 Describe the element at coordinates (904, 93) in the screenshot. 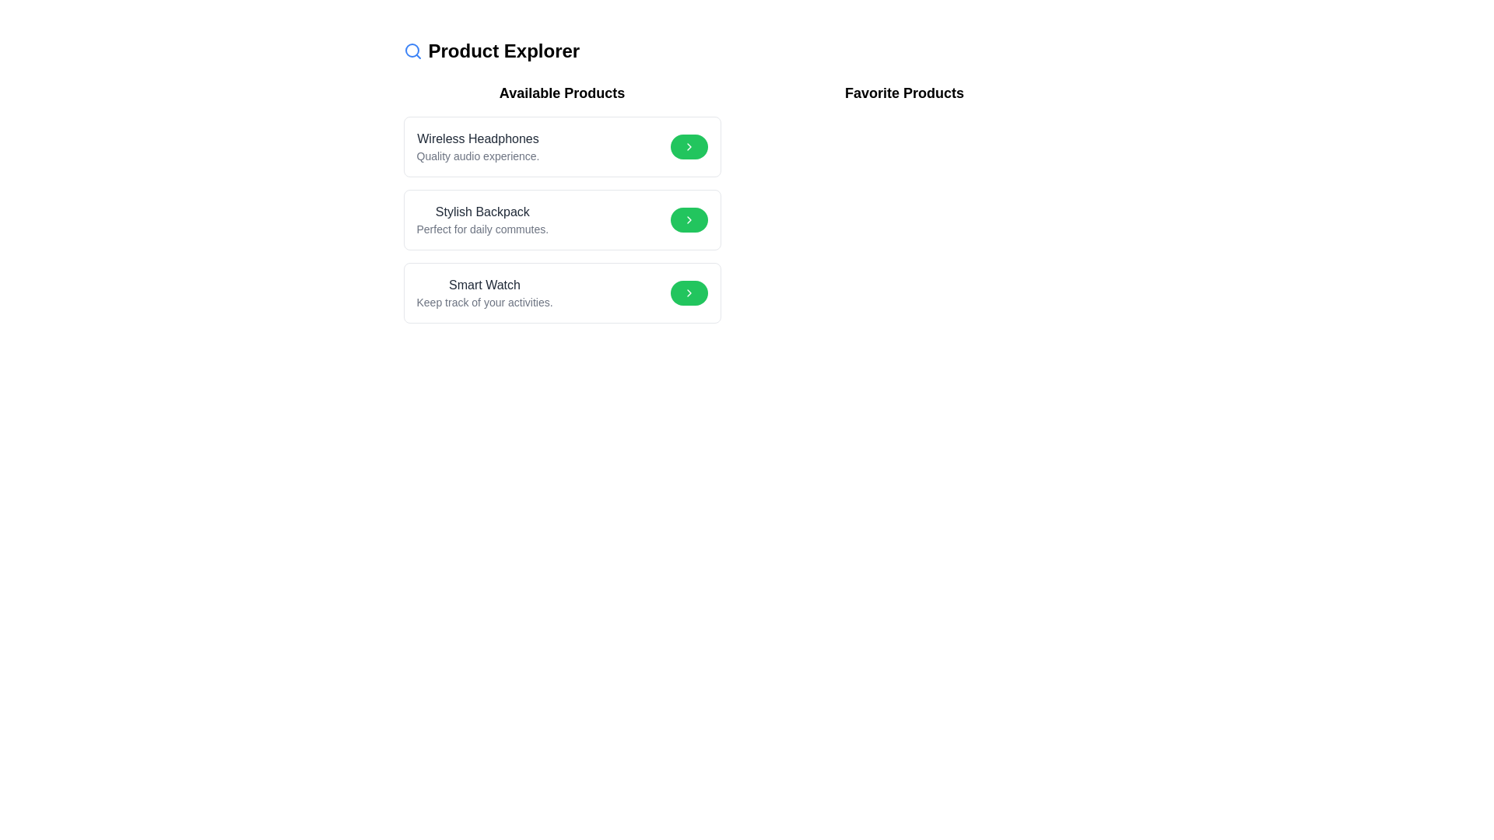

I see `the 'Favorite Products' label, which is a bold text label located near the top right section of the layout` at that location.